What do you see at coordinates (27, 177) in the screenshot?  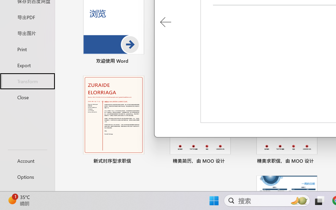 I see `'Options'` at bounding box center [27, 177].